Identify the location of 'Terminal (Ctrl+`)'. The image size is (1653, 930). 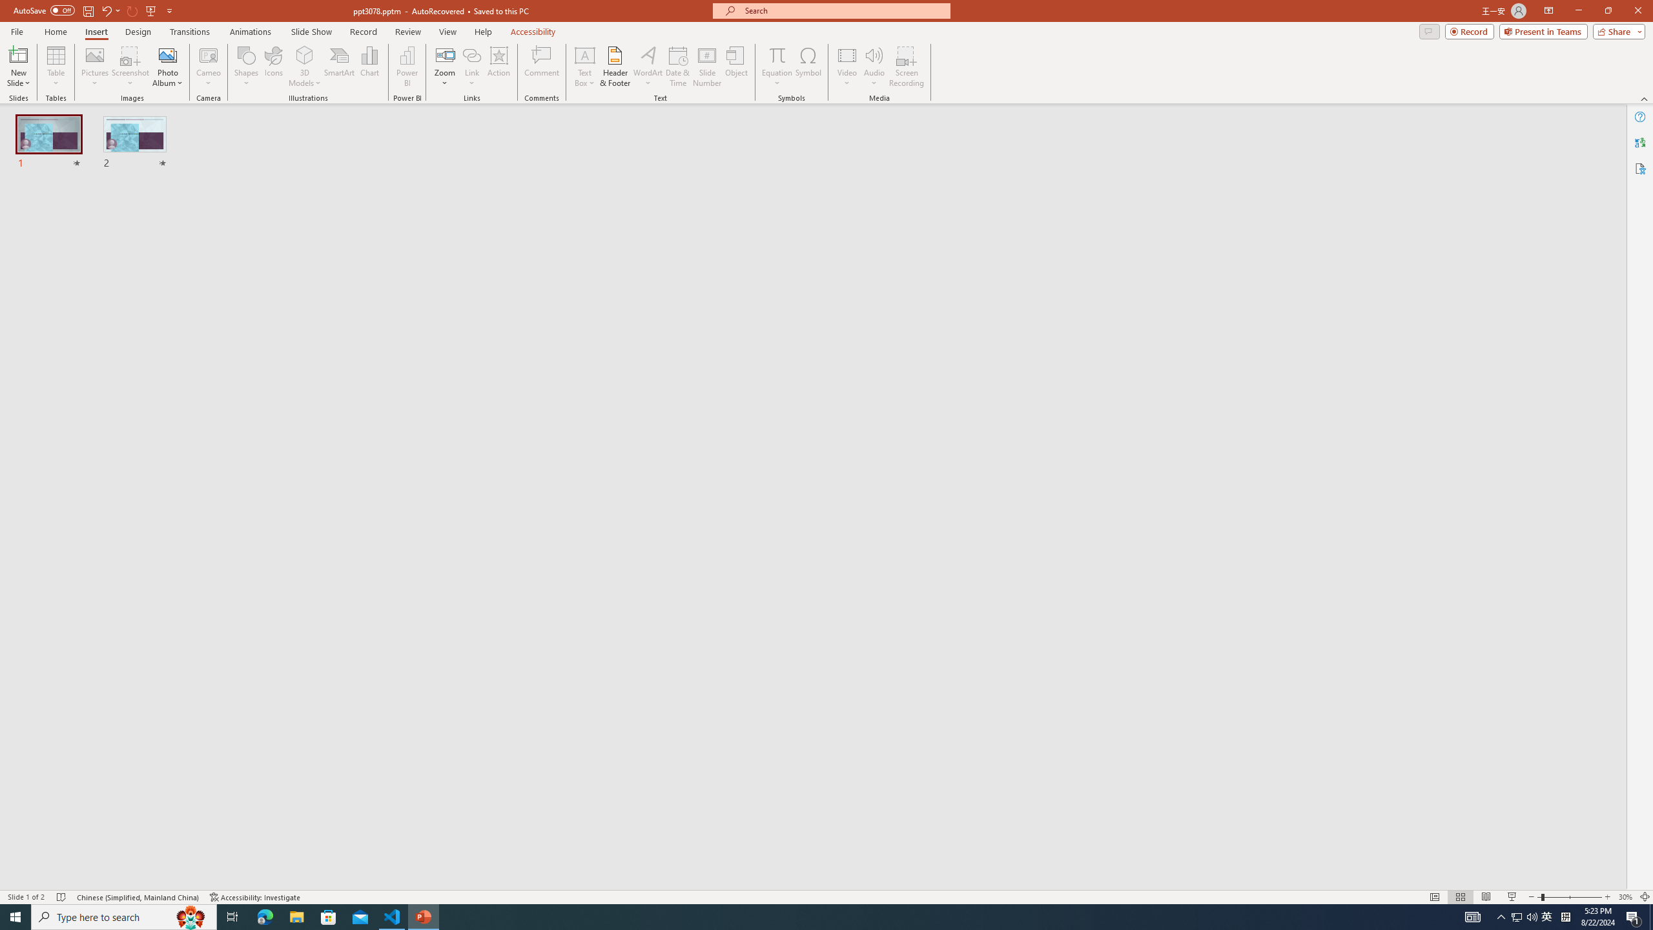
(658, 606).